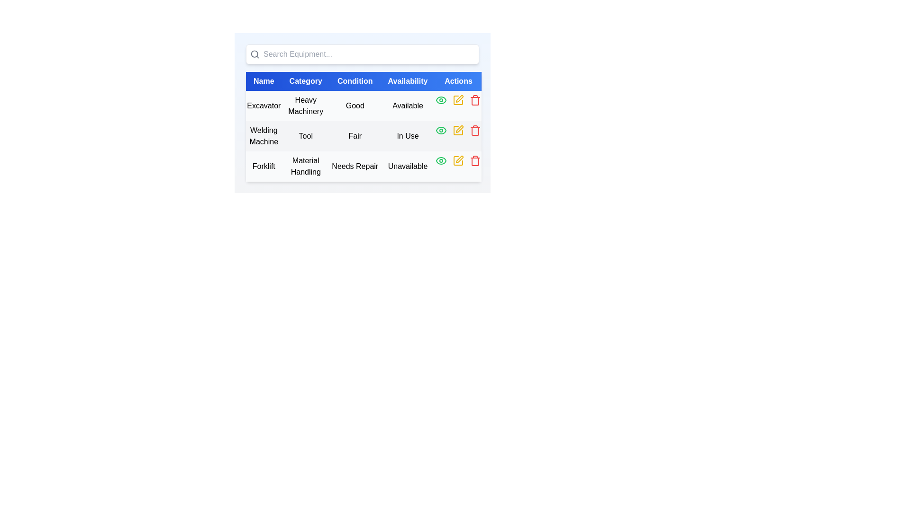  I want to click on the 'Name' header label in the table, which is positioned at the top-left corner and identifies the information listed under this column, so click(264, 81).